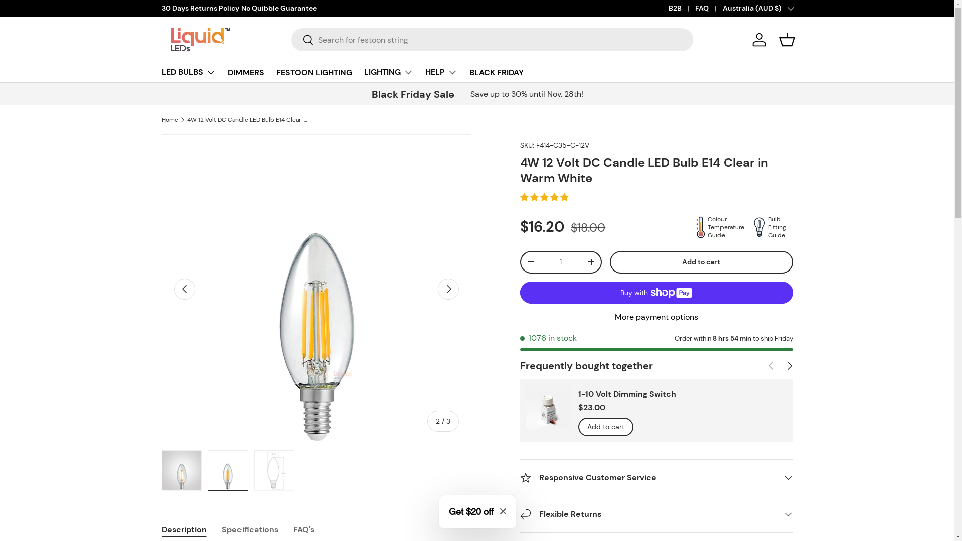 This screenshot has width=962, height=541. I want to click on 'Colour Temperature Guide', so click(716, 227).